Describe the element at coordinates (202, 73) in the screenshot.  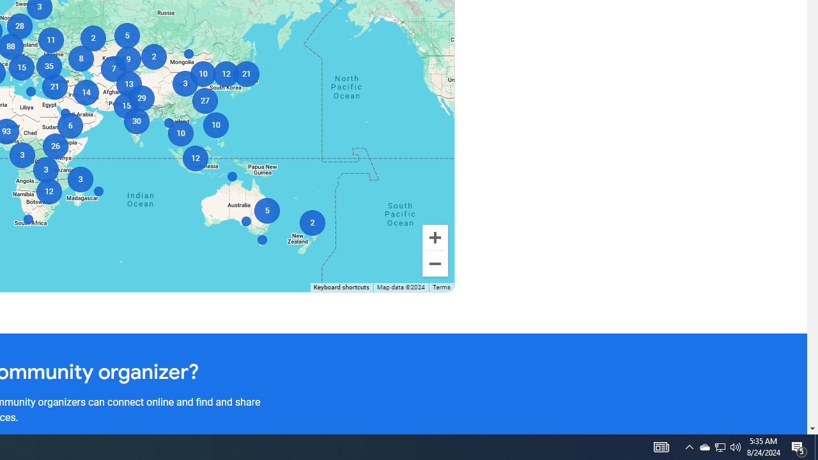
I see `'10'` at that location.